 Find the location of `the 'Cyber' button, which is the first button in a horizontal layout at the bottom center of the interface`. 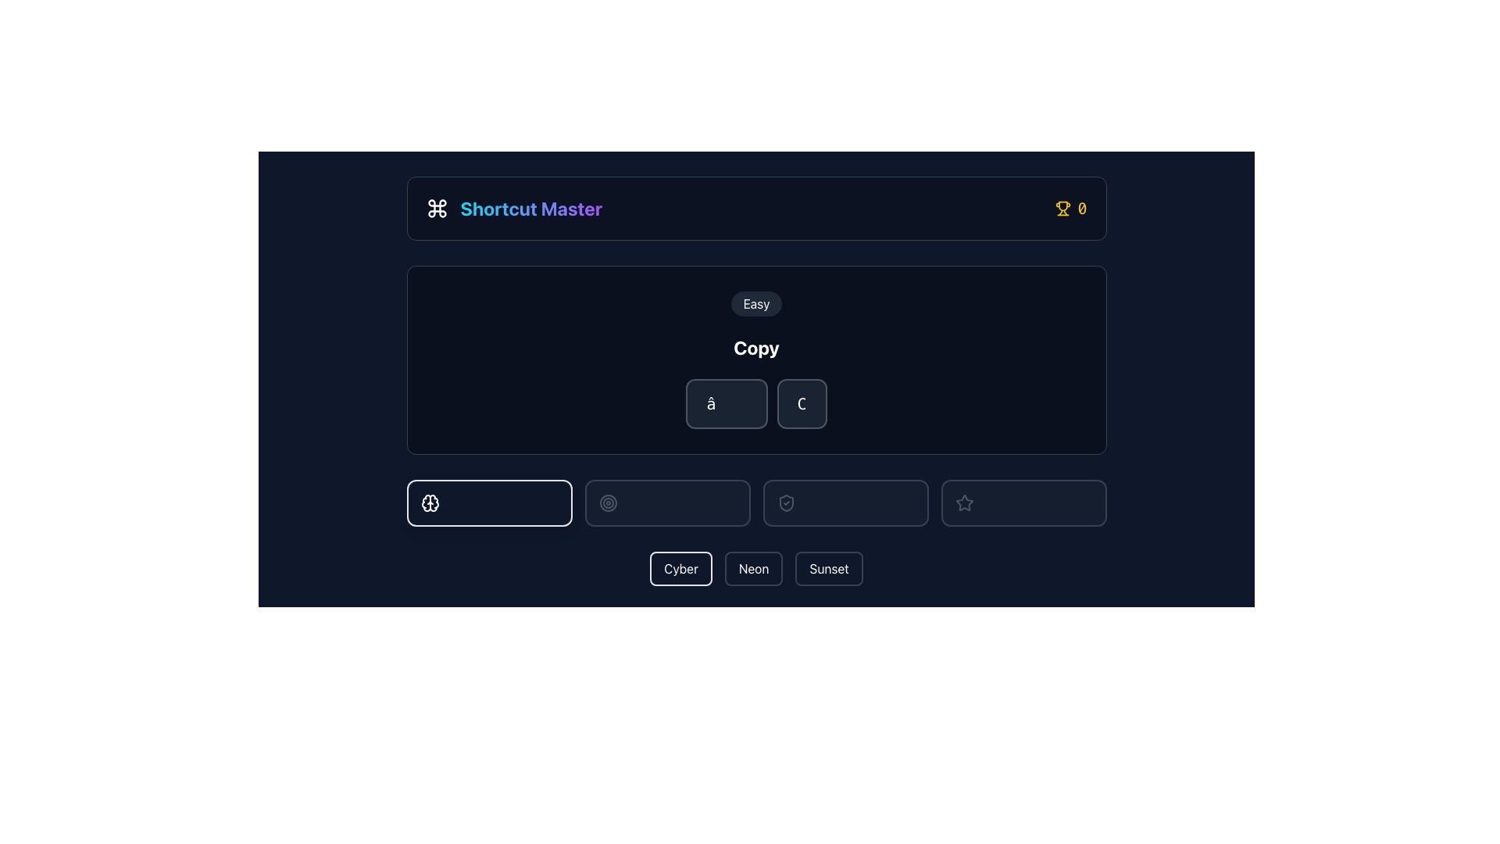

the 'Cyber' button, which is the first button in a horizontal layout at the bottom center of the interface is located at coordinates (681, 569).